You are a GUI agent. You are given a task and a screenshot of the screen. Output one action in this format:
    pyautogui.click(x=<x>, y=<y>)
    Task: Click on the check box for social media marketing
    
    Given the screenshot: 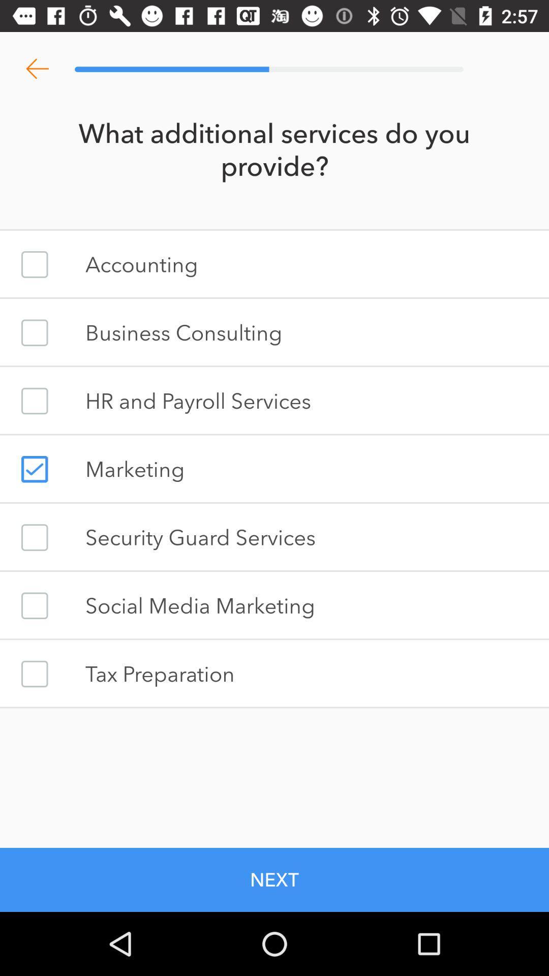 What is the action you would take?
    pyautogui.click(x=34, y=605)
    